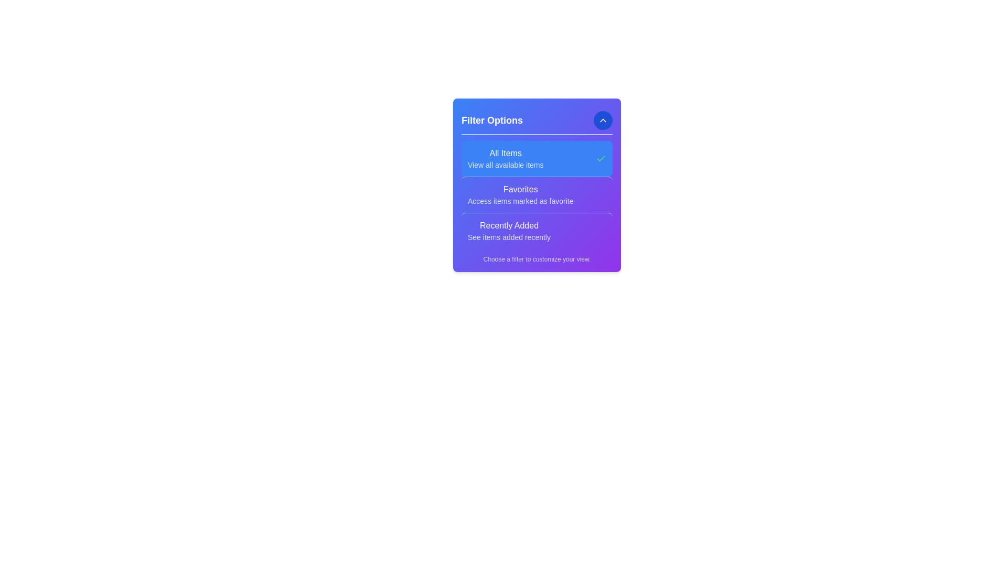  I want to click on the filter option Favorites from the menu, so click(520, 194).